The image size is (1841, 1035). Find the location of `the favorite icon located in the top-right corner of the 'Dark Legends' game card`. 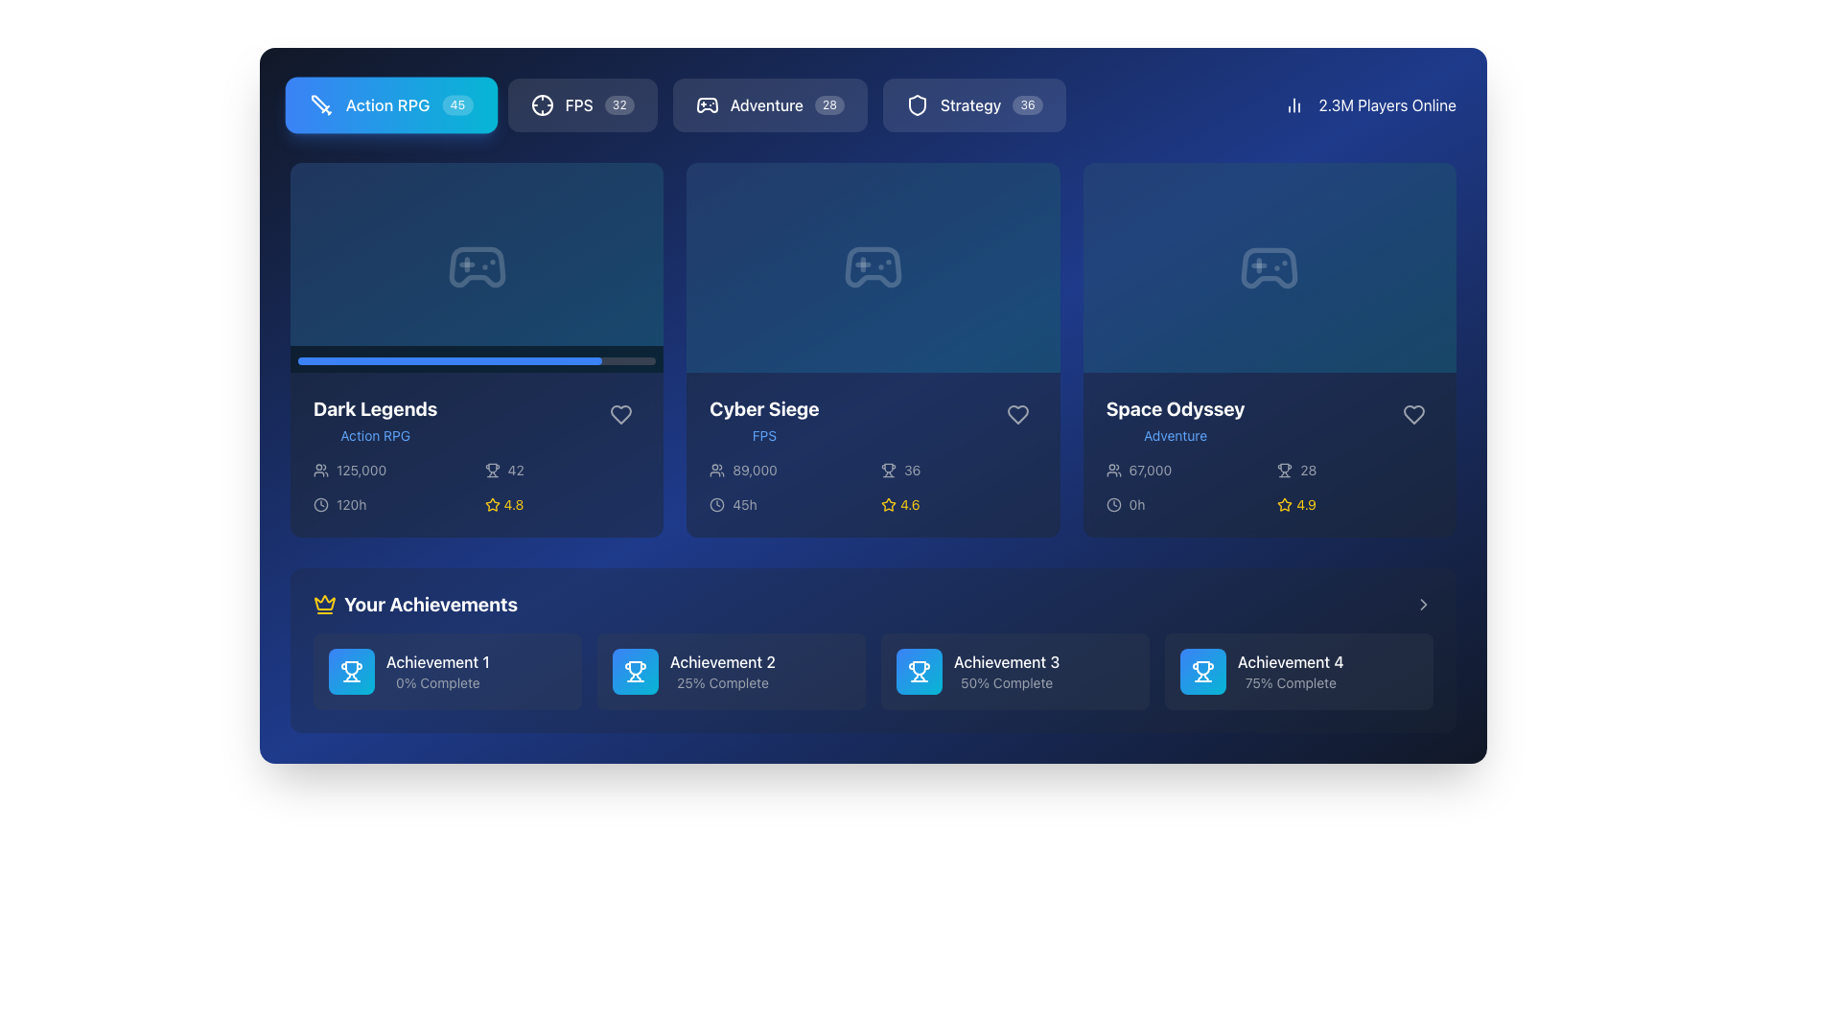

the favorite icon located in the top-right corner of the 'Dark Legends' game card is located at coordinates (621, 413).